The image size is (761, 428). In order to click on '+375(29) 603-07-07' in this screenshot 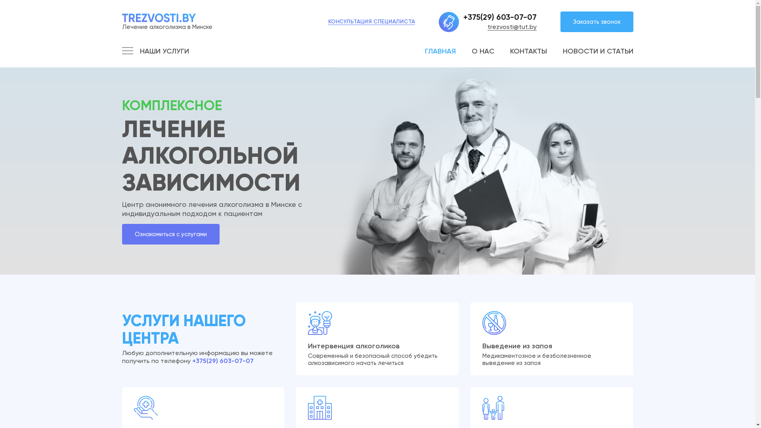, I will do `click(499, 17)`.